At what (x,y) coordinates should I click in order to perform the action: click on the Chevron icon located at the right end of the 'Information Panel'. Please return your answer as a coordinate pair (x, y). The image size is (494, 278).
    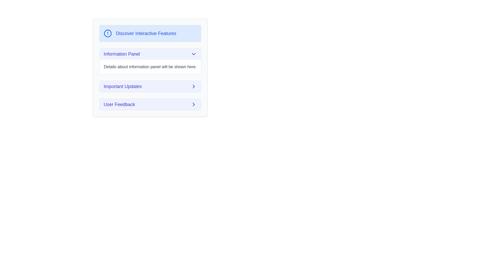
    Looking at the image, I should click on (193, 54).